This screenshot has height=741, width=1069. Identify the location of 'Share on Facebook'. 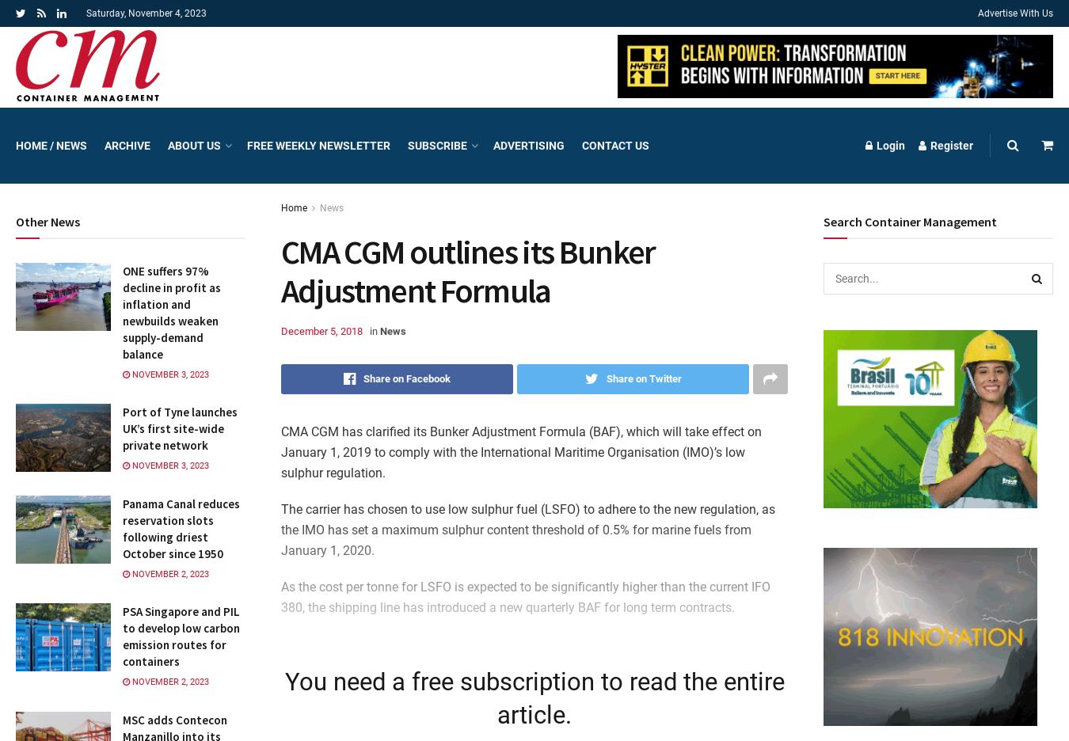
(405, 378).